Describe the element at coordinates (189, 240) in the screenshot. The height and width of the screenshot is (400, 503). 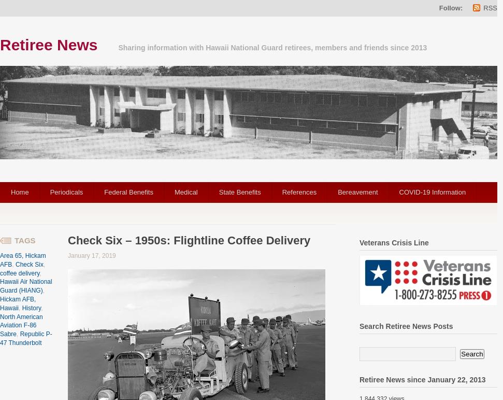
I see `'Check Six – 1950s: Flightline Coffee Delivery'` at that location.